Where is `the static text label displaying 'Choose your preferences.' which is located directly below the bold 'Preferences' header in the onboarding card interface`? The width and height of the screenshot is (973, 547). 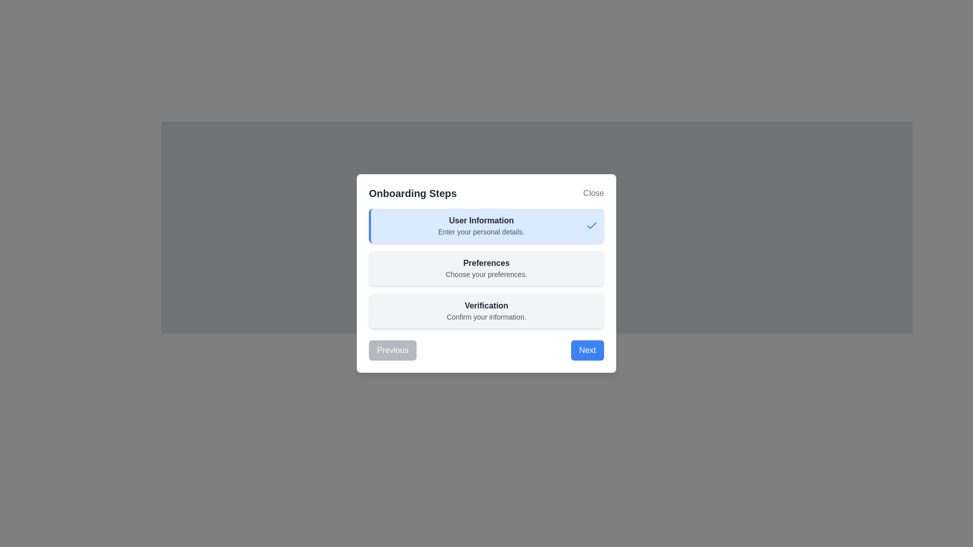 the static text label displaying 'Choose your preferences.' which is located directly below the bold 'Preferences' header in the onboarding card interface is located at coordinates (486, 275).